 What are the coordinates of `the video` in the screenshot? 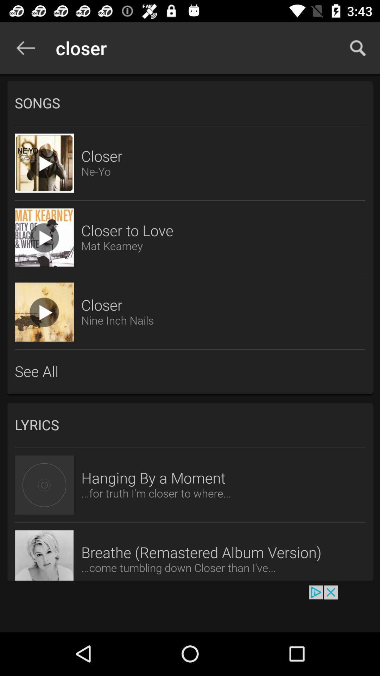 It's located at (44, 312).